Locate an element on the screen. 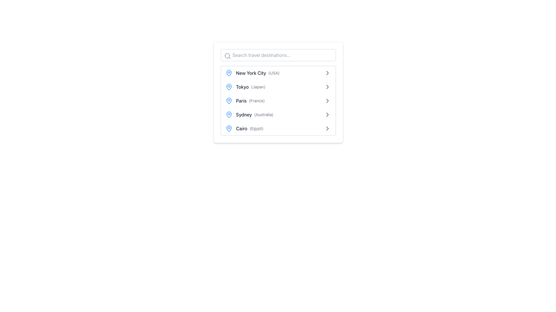 The width and height of the screenshot is (556, 312). the right-facing chevron icon at the far-right side of the 'New York City (USA)' list item is located at coordinates (328, 73).